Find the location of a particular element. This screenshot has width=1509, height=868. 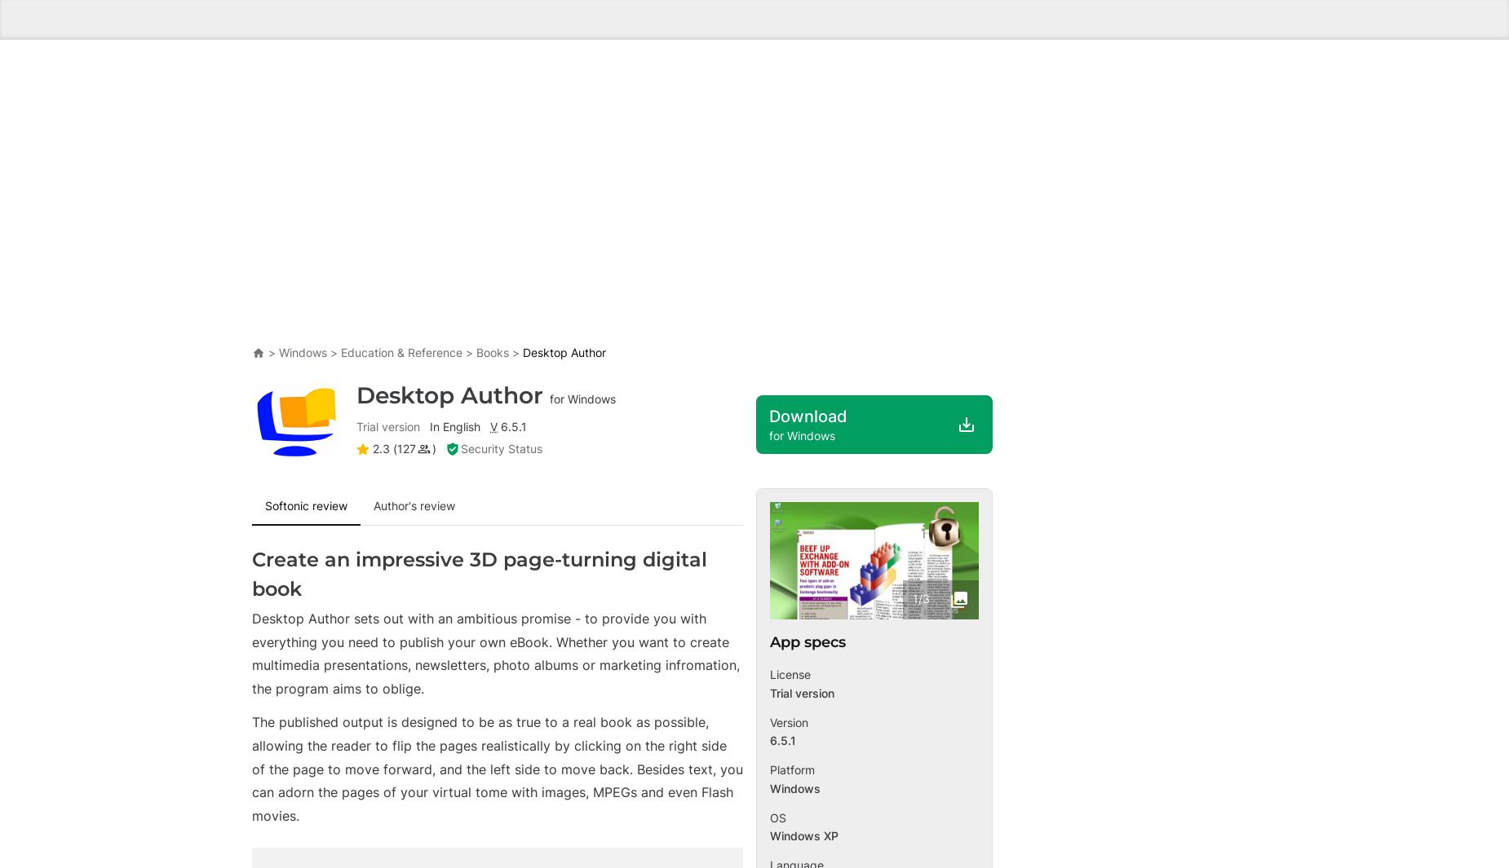

'ClinicalKey Student Bookshelf - Read Your Books Offline' is located at coordinates (329, 77).